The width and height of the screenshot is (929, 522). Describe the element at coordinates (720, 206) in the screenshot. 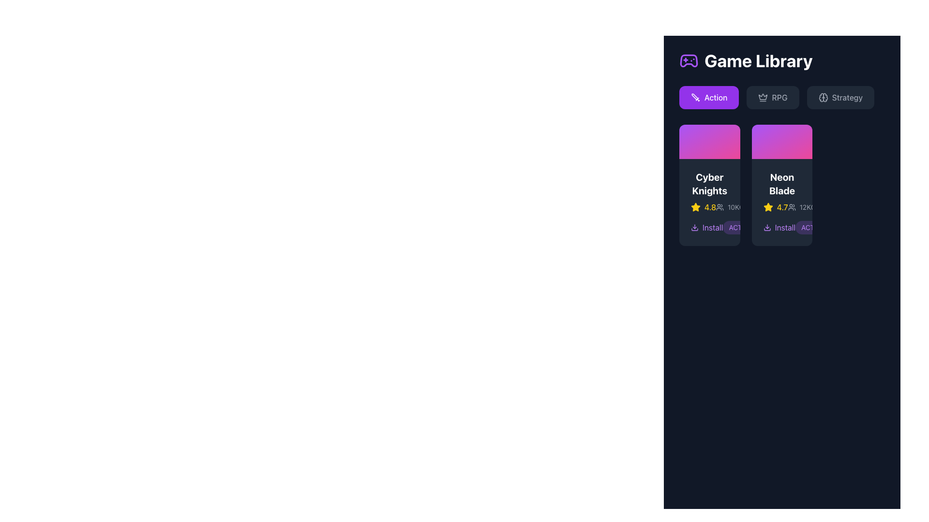

I see `the icon of a group of people, styled with thin line art design, located to the left of the '10K' text` at that location.